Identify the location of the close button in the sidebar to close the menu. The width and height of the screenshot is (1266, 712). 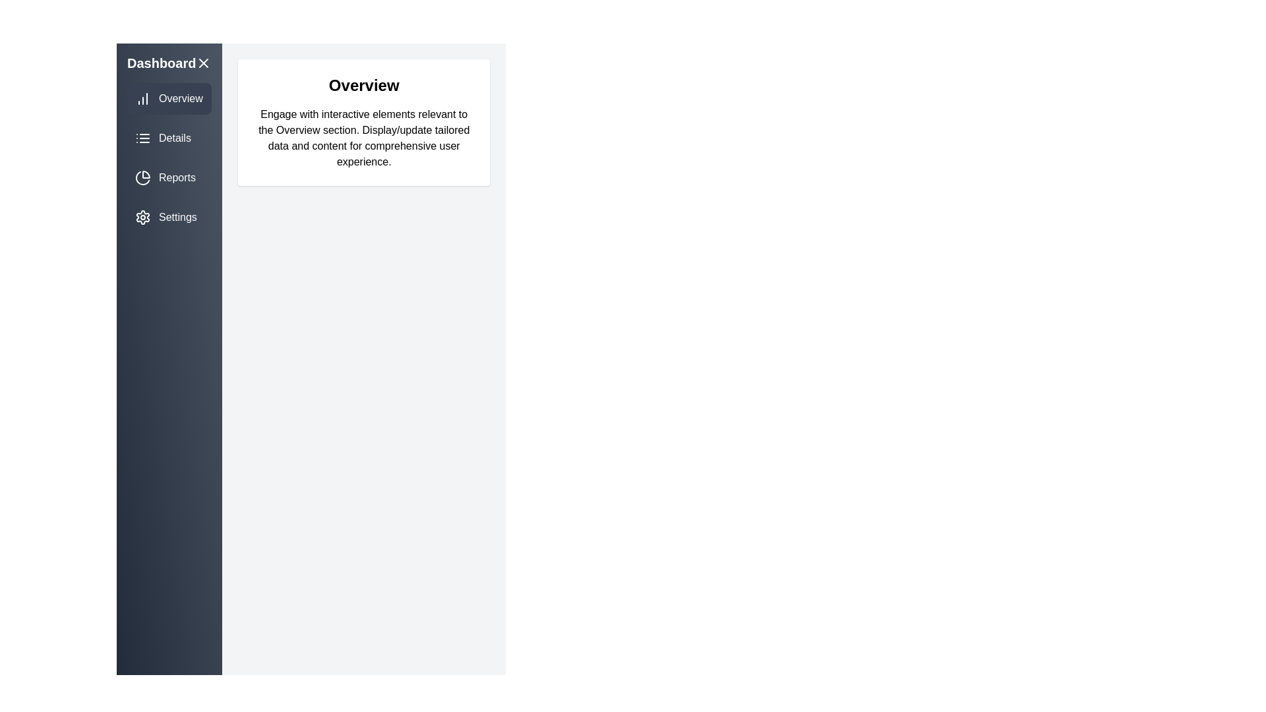
(202, 63).